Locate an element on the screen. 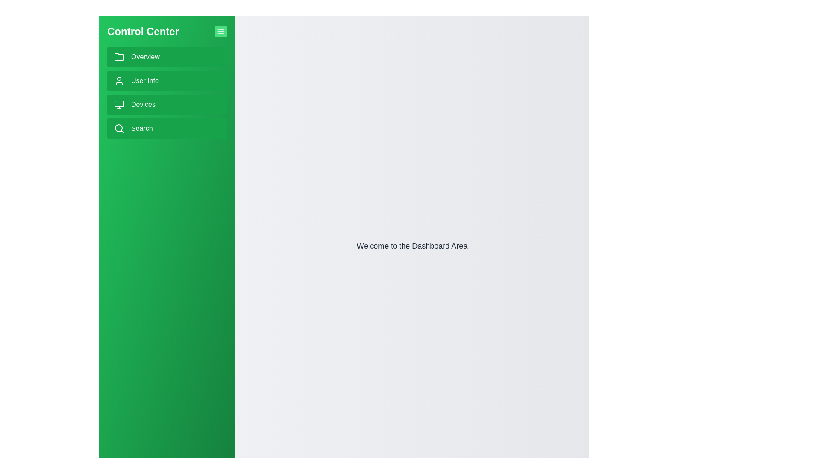  the 'User Info' button in the sidebar is located at coordinates (167, 80).